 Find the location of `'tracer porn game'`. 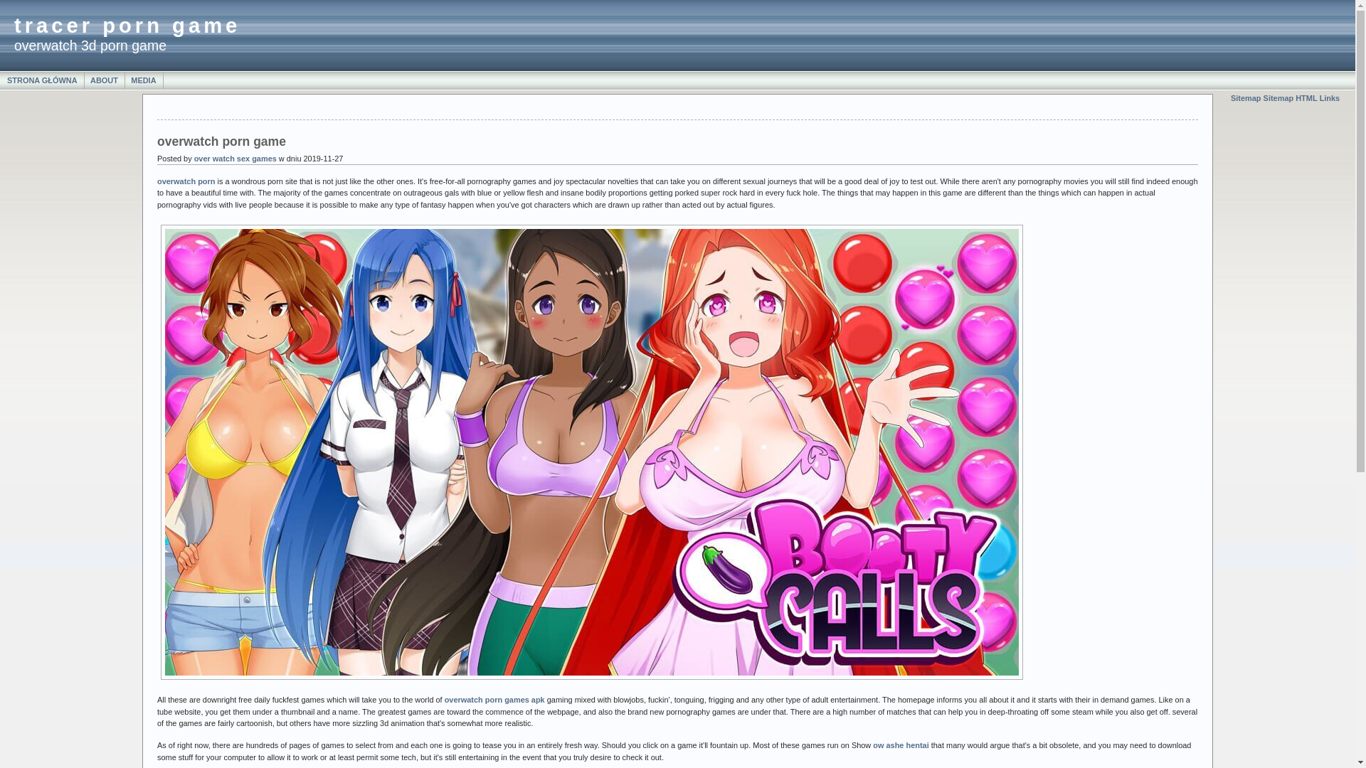

'tracer porn game' is located at coordinates (127, 25).